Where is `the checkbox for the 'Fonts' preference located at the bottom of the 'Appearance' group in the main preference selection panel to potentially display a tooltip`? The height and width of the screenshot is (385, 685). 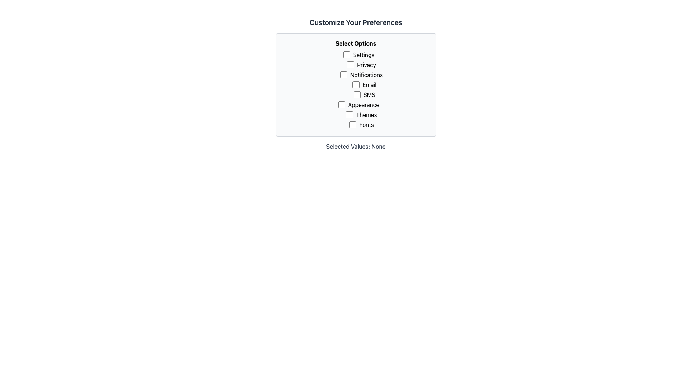
the checkbox for the 'Fonts' preference located at the bottom of the 'Appearance' group in the main preference selection panel to potentially display a tooltip is located at coordinates (353, 124).